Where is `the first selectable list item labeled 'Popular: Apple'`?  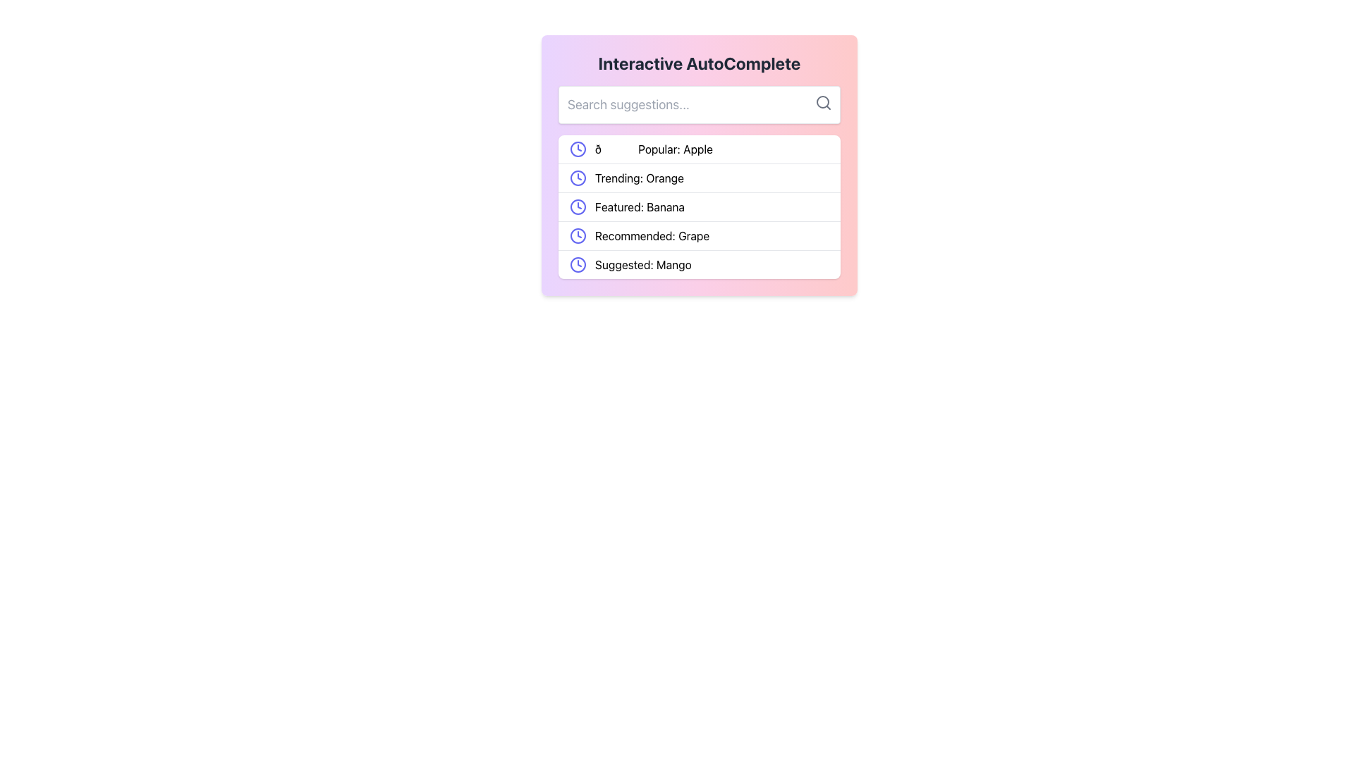 the first selectable list item labeled 'Popular: Apple' is located at coordinates (700, 149).